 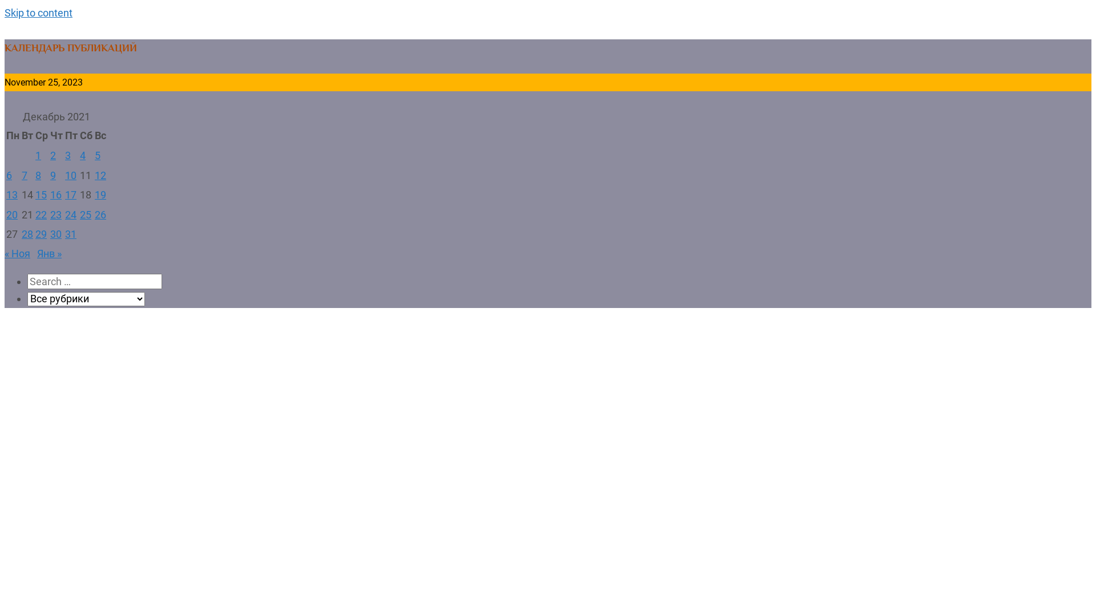 What do you see at coordinates (11, 194) in the screenshot?
I see `'13'` at bounding box center [11, 194].